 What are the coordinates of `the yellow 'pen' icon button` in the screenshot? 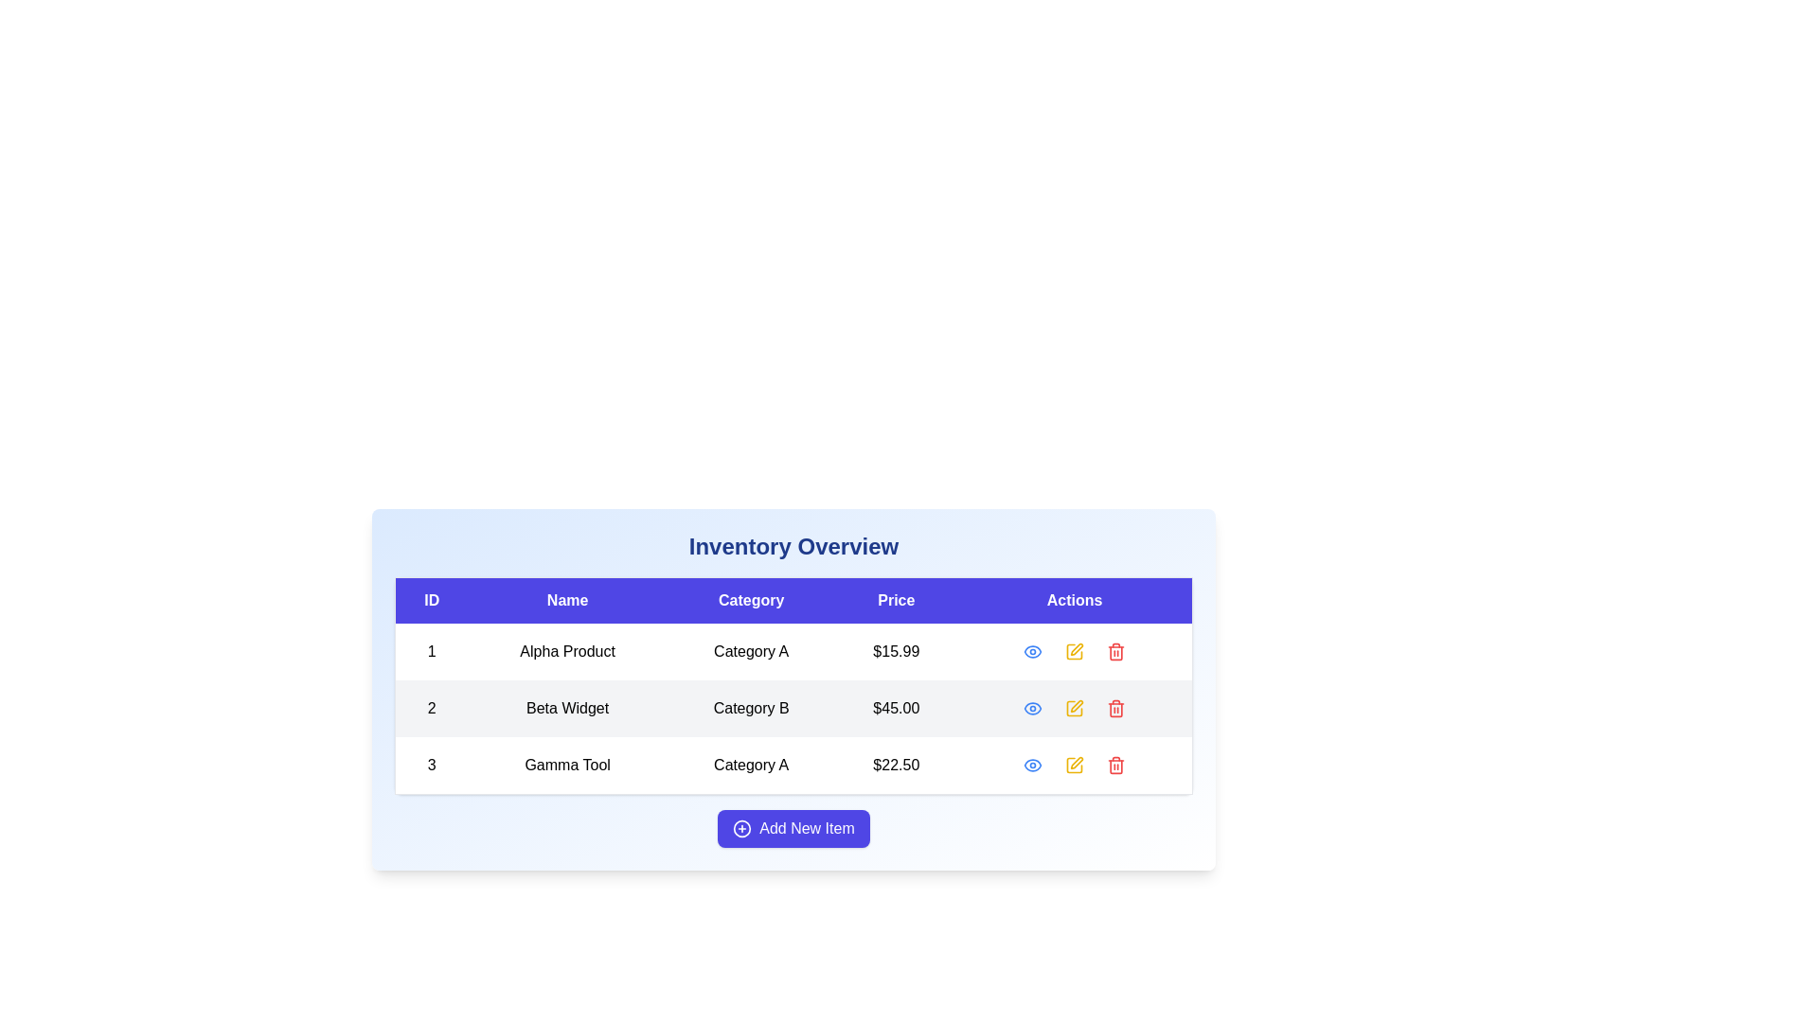 It's located at (1075, 651).